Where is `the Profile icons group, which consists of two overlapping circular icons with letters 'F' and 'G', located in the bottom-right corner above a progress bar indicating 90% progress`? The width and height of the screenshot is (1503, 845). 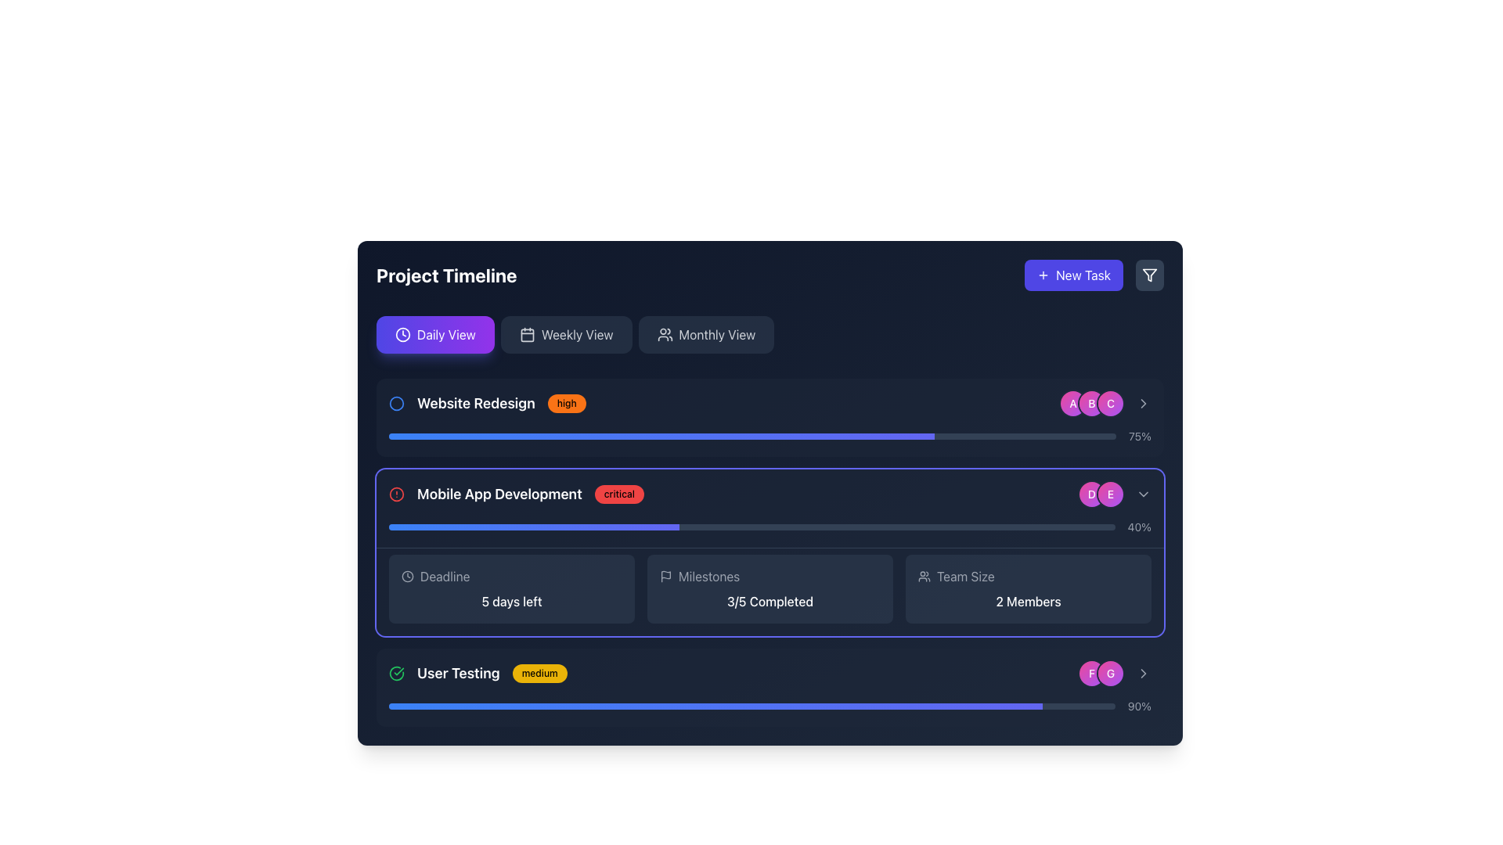
the Profile icons group, which consists of two overlapping circular icons with letters 'F' and 'G', located in the bottom-right corner above a progress bar indicating 90% progress is located at coordinates (1100, 672).